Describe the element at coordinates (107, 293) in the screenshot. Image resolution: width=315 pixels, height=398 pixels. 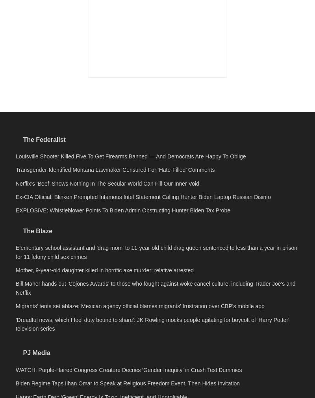
I see `'Netflix’s ‘Beef’ Shows Nothing In The Secular World Can Fill Our Inner Void'` at that location.